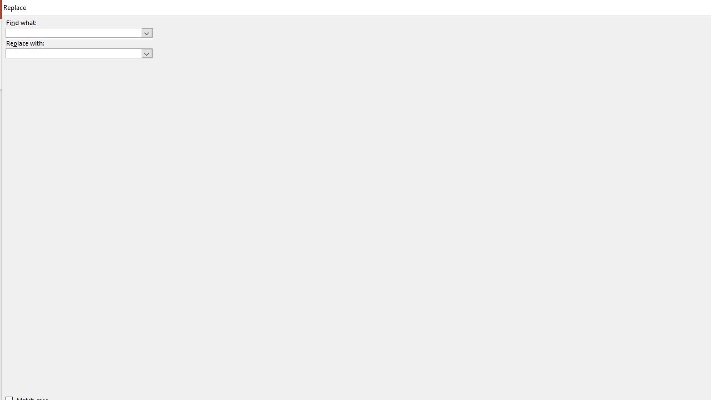 The height and width of the screenshot is (400, 711). I want to click on 'Find what', so click(73, 32).